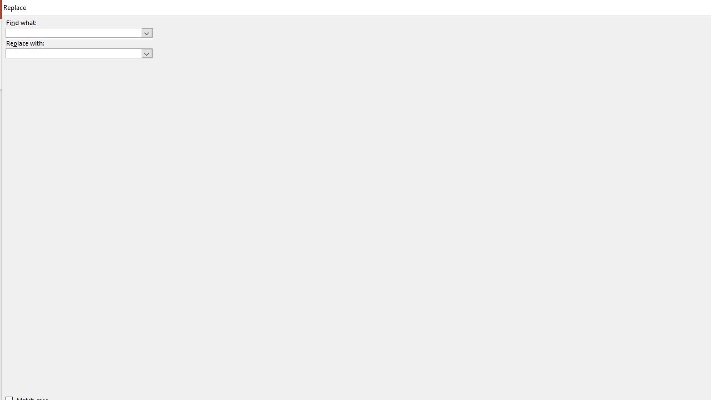 The height and width of the screenshot is (400, 711). I want to click on 'Find what', so click(73, 32).